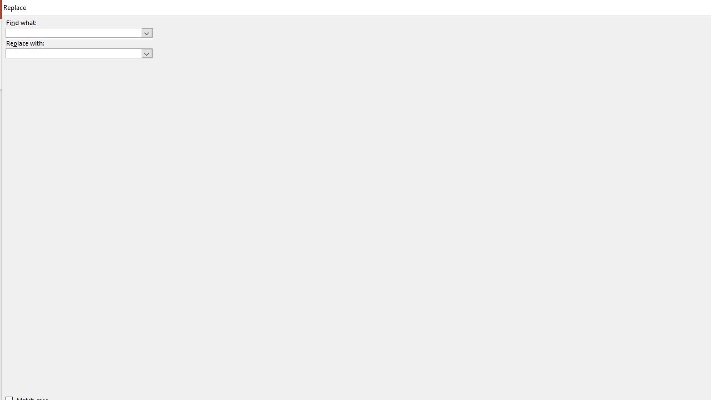 The height and width of the screenshot is (400, 711). I want to click on 'Find what', so click(73, 32).